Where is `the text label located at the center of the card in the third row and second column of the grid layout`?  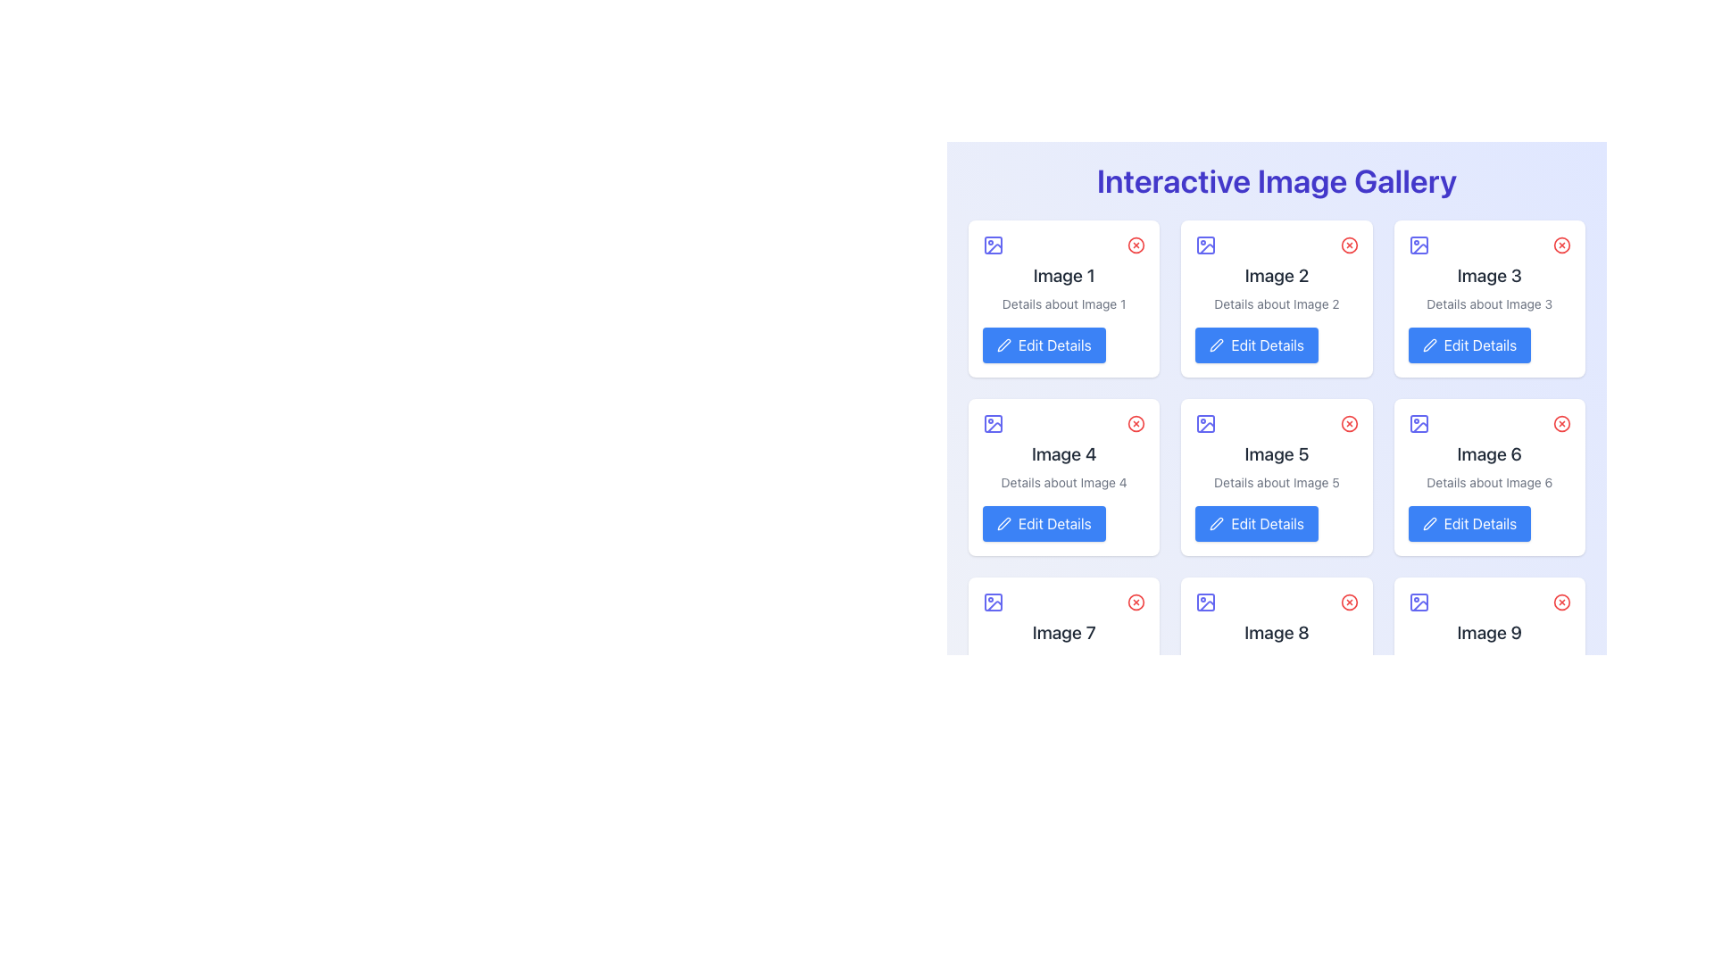
the text label located at the center of the card in the third row and second column of the grid layout is located at coordinates (1276, 632).